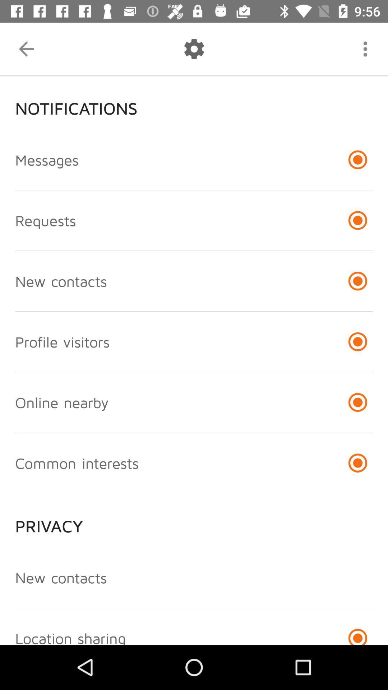 The image size is (388, 690). I want to click on messages item, so click(47, 159).